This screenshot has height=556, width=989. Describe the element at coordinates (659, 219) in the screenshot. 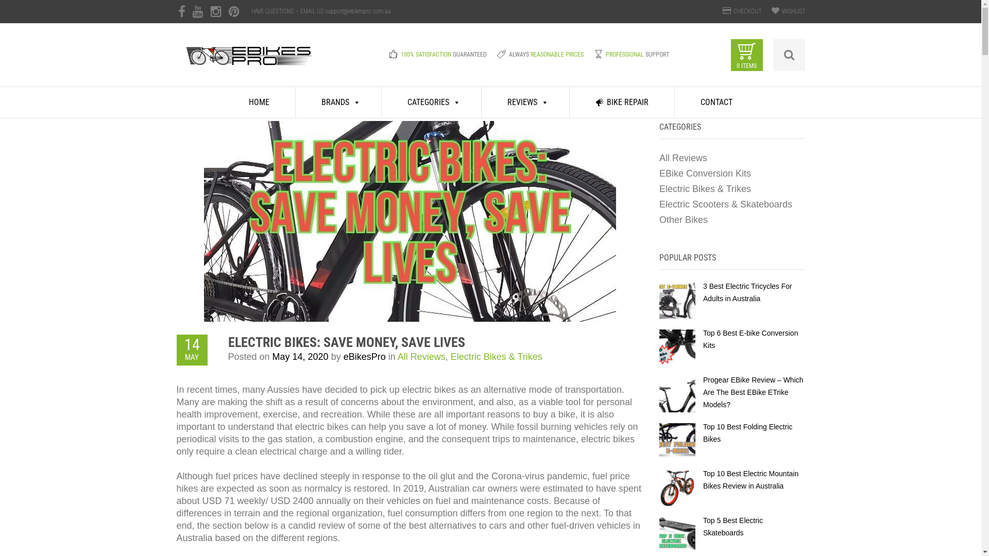

I see `'Other Bikes'` at that location.